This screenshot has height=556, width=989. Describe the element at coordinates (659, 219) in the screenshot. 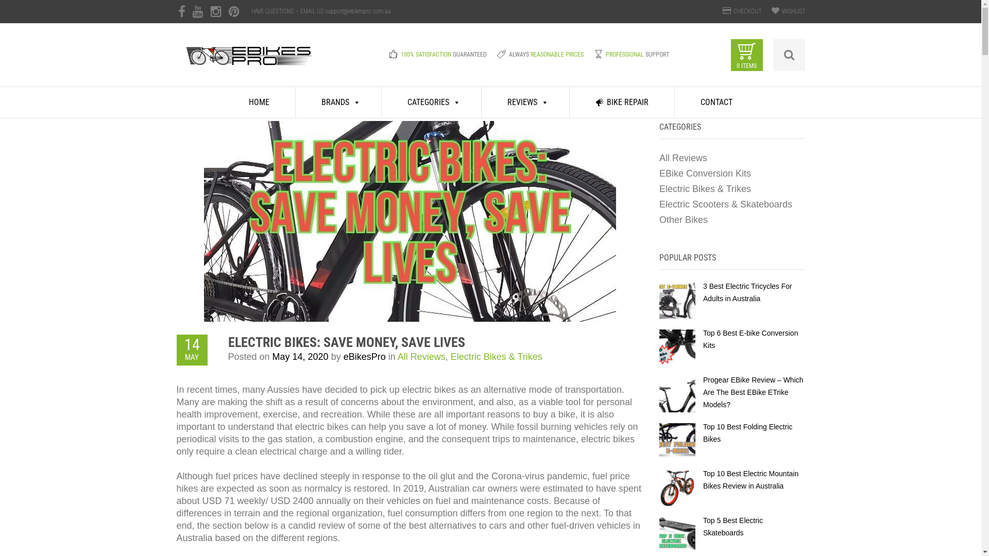

I see `'Other Bikes'` at that location.